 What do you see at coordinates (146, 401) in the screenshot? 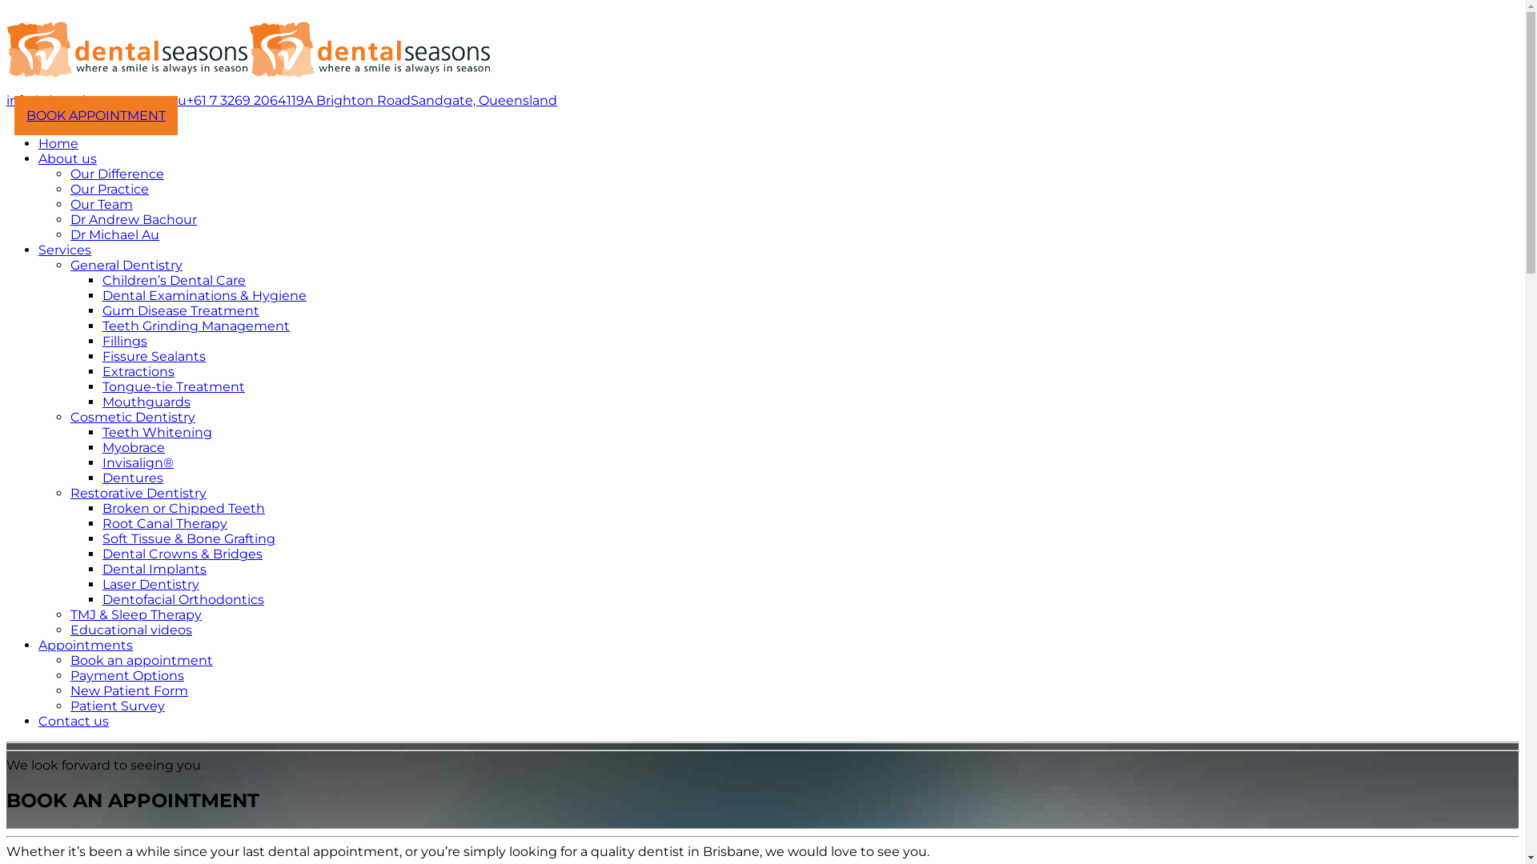
I see `'Mouthguards'` at bounding box center [146, 401].